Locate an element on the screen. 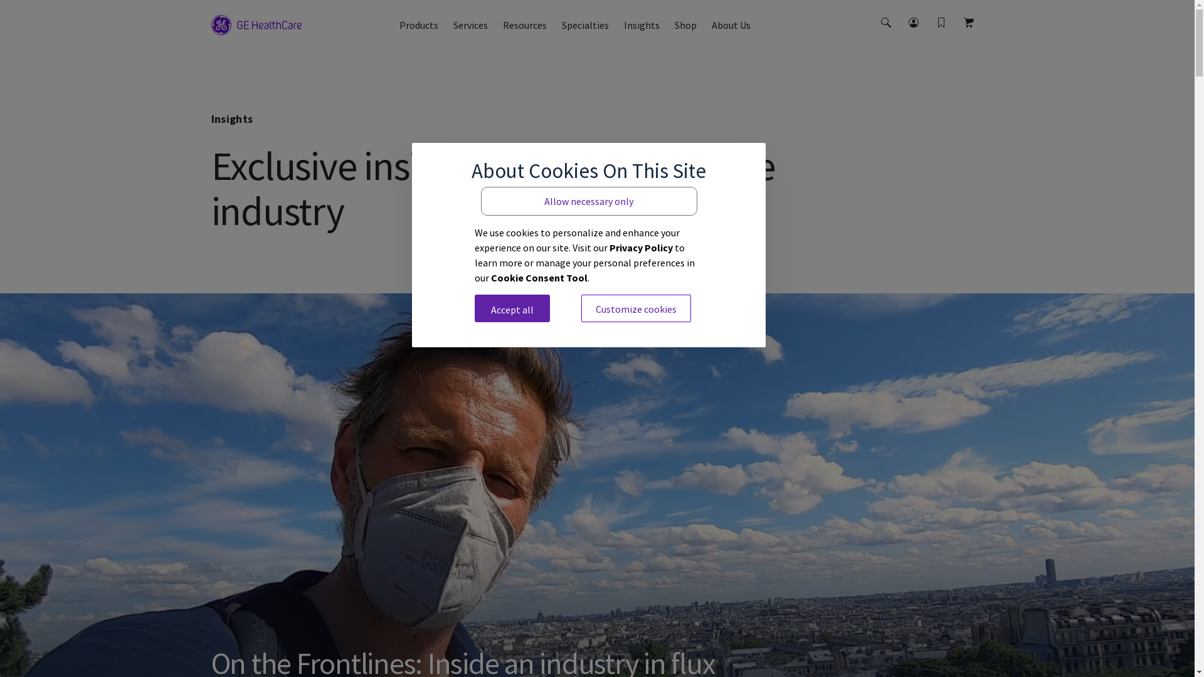 The image size is (1204, 677). 'Privacy Policy' is located at coordinates (641, 246).